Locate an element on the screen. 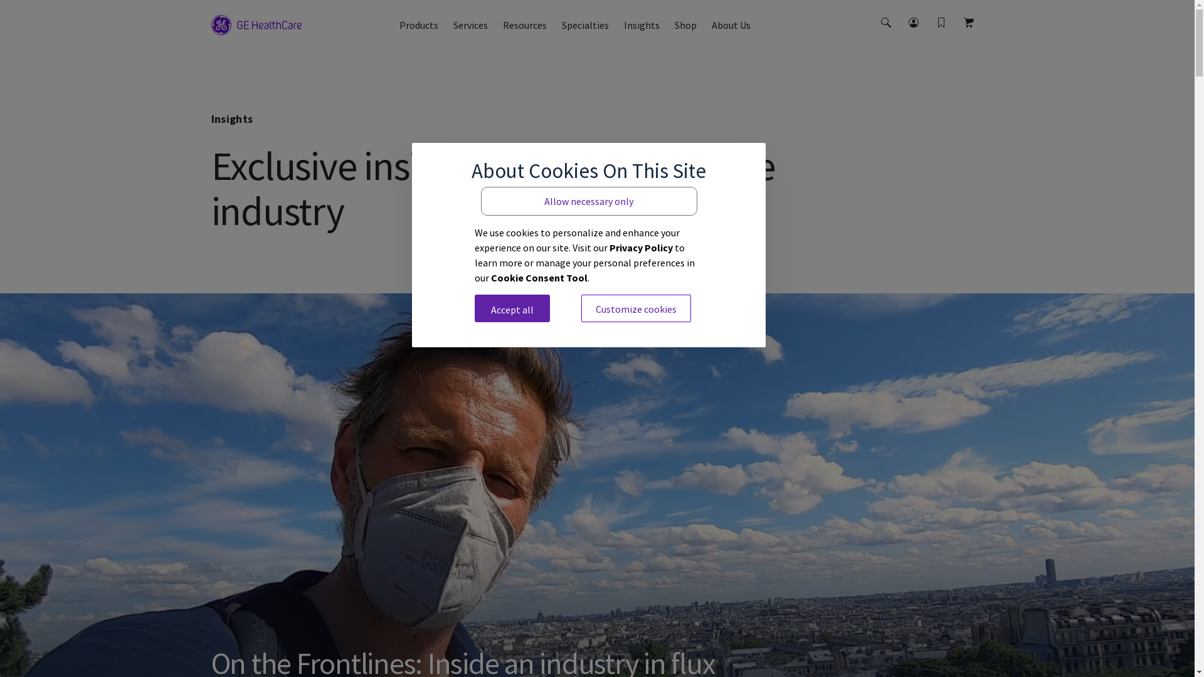 The image size is (1204, 677). 'Privacy Policy' is located at coordinates (641, 246).